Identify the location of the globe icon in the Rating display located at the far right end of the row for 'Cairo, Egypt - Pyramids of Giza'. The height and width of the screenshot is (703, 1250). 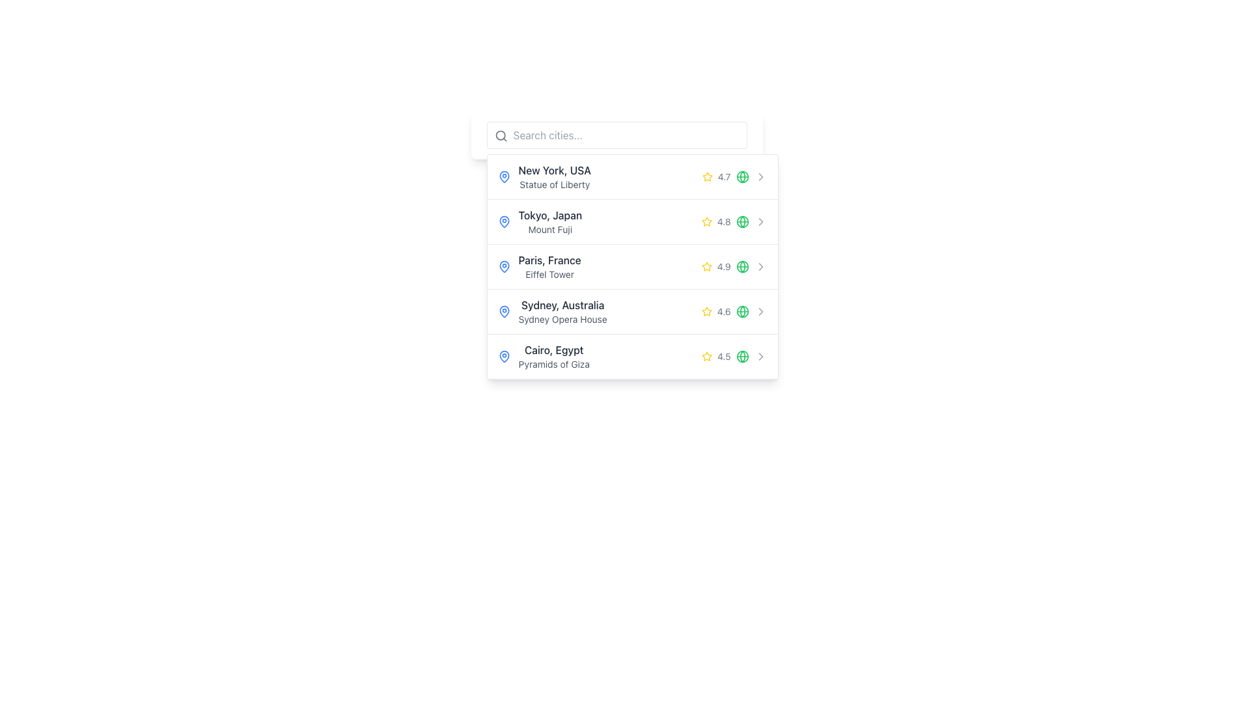
(725, 356).